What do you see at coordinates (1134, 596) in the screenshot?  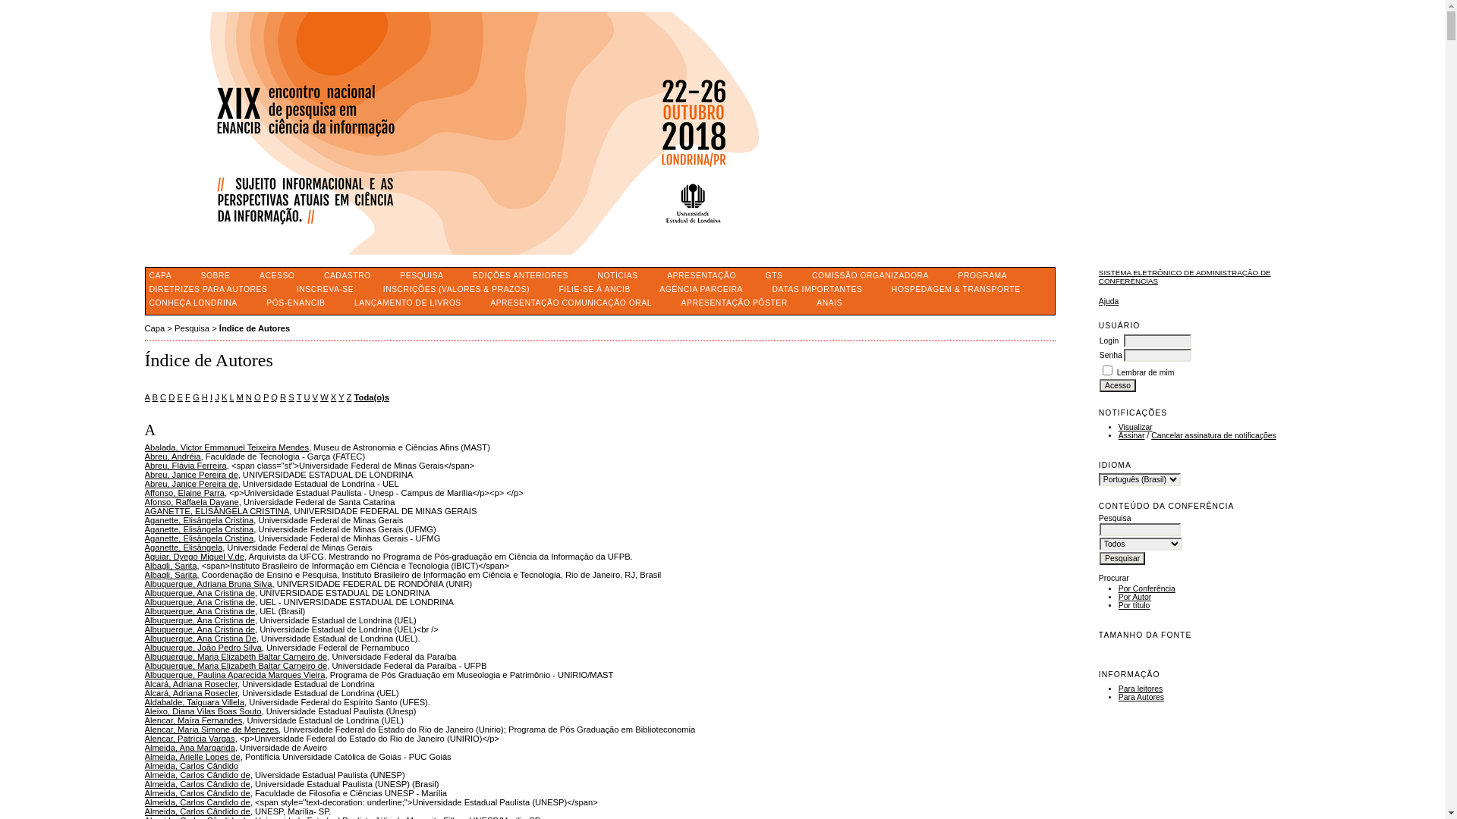 I see `'Por Autor'` at bounding box center [1134, 596].